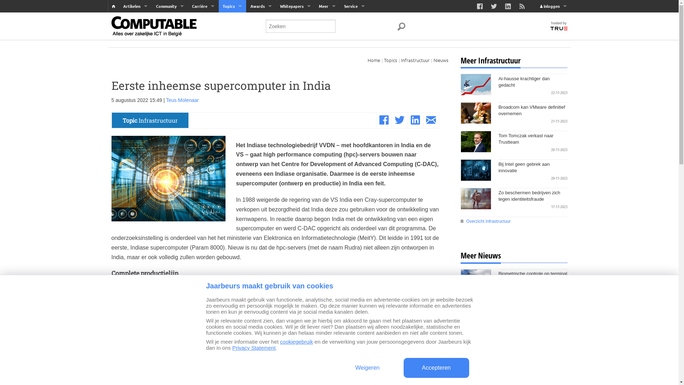  I want to click on 'Baanvak', so click(203, 19).